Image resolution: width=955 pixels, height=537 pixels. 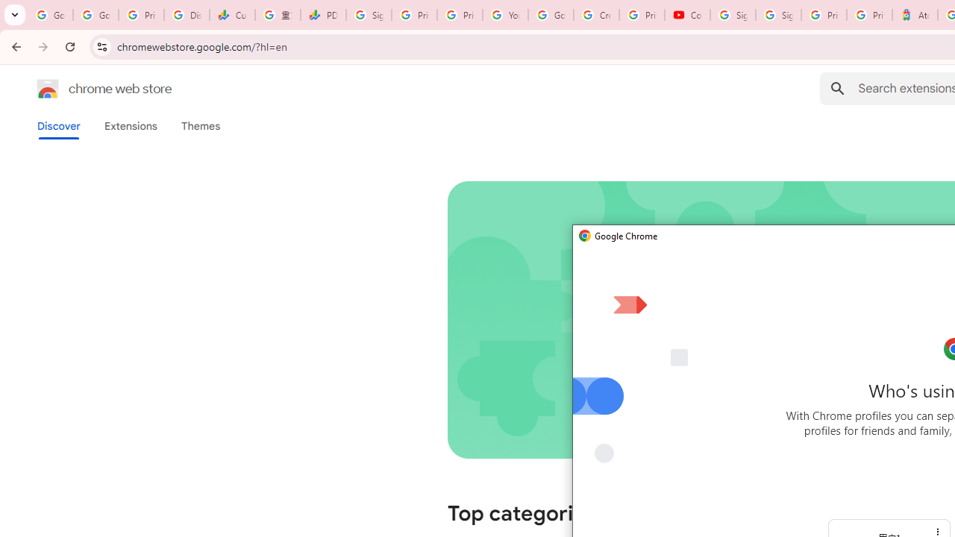 I want to click on 'Atour Hotel - Google hotels', so click(x=914, y=15).